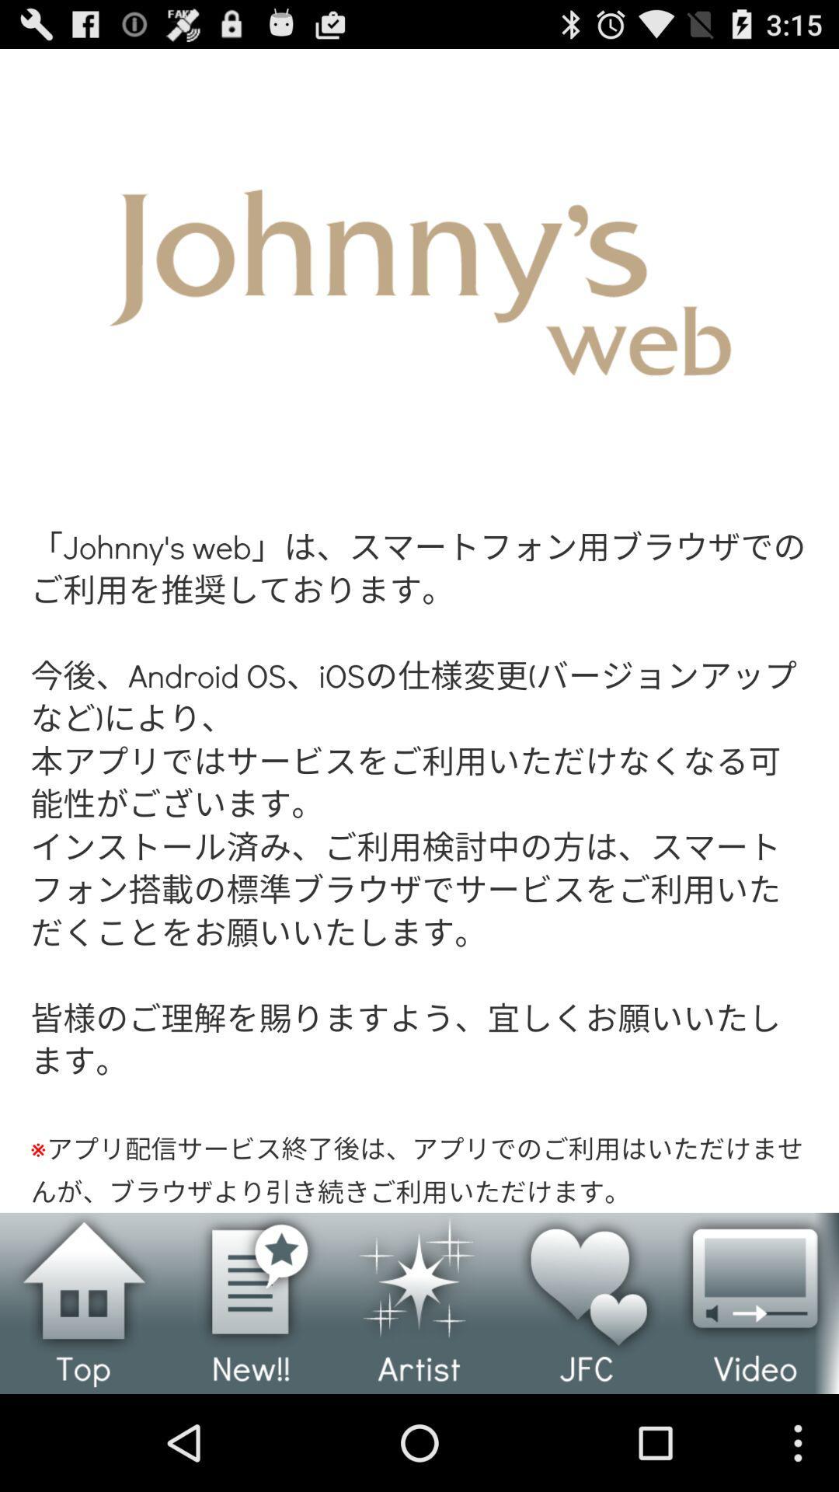  What do you see at coordinates (84, 1303) in the screenshot?
I see `house for home/top` at bounding box center [84, 1303].